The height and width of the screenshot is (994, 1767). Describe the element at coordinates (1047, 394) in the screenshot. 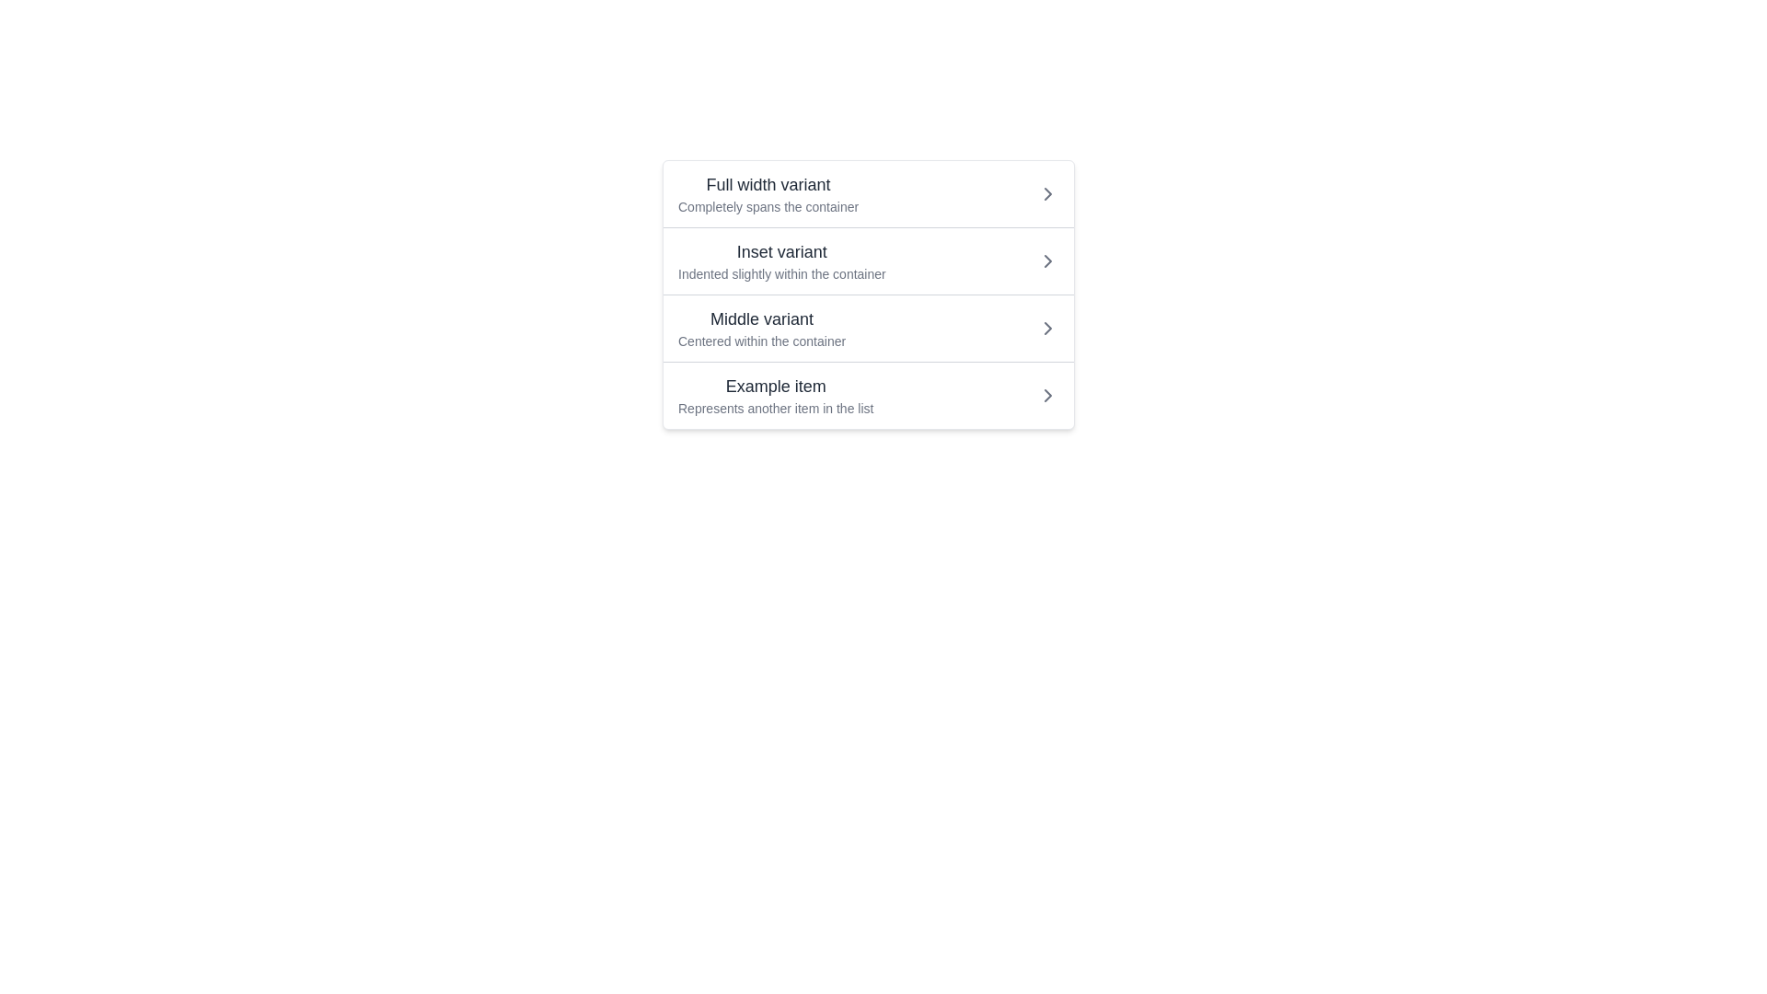

I see `the navigation icon located in the rightmost part of the fourth row labeled 'Example item'` at that location.